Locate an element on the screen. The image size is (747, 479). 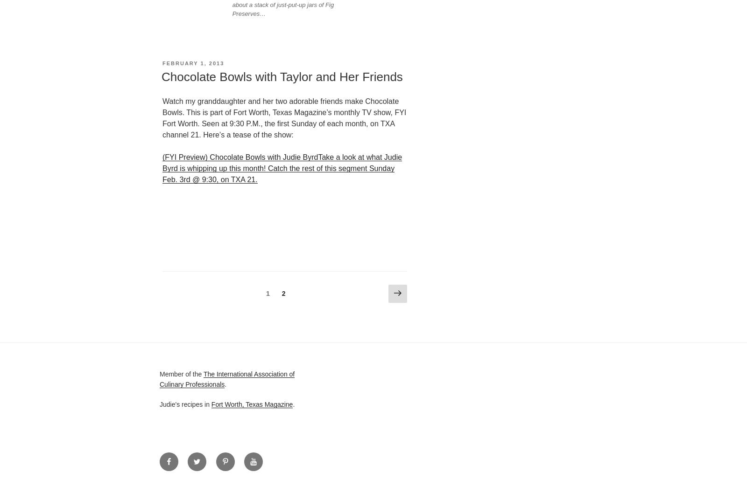
'February 1, 2013' is located at coordinates (192, 62).